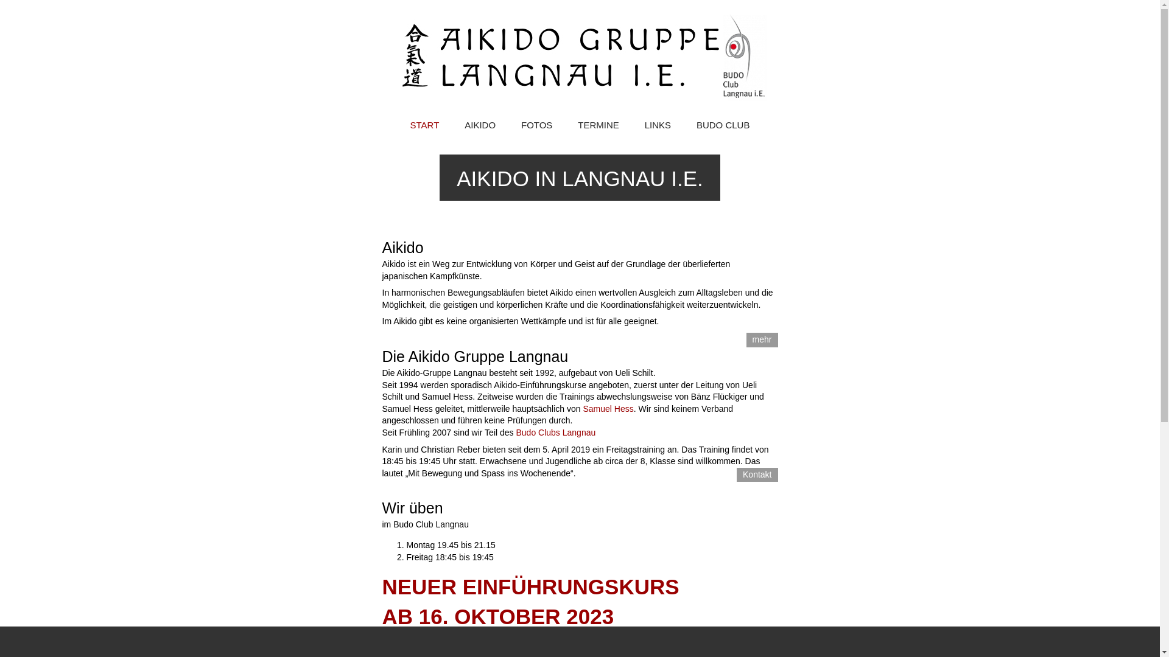 The width and height of the screenshot is (1169, 657). Describe the element at coordinates (756, 474) in the screenshot. I see `'Kontakt'` at that location.